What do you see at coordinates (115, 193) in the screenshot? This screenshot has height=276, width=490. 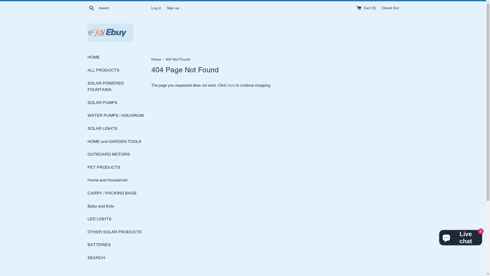 I see `'CARRY / PACKING BAGS'` at bounding box center [115, 193].